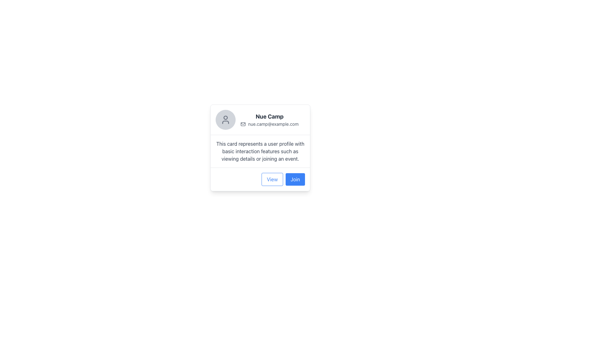 The image size is (600, 337). Describe the element at coordinates (260, 120) in the screenshot. I see `user's name and email information displayed in the header section of the user profile card, located at the top of the profile` at that location.